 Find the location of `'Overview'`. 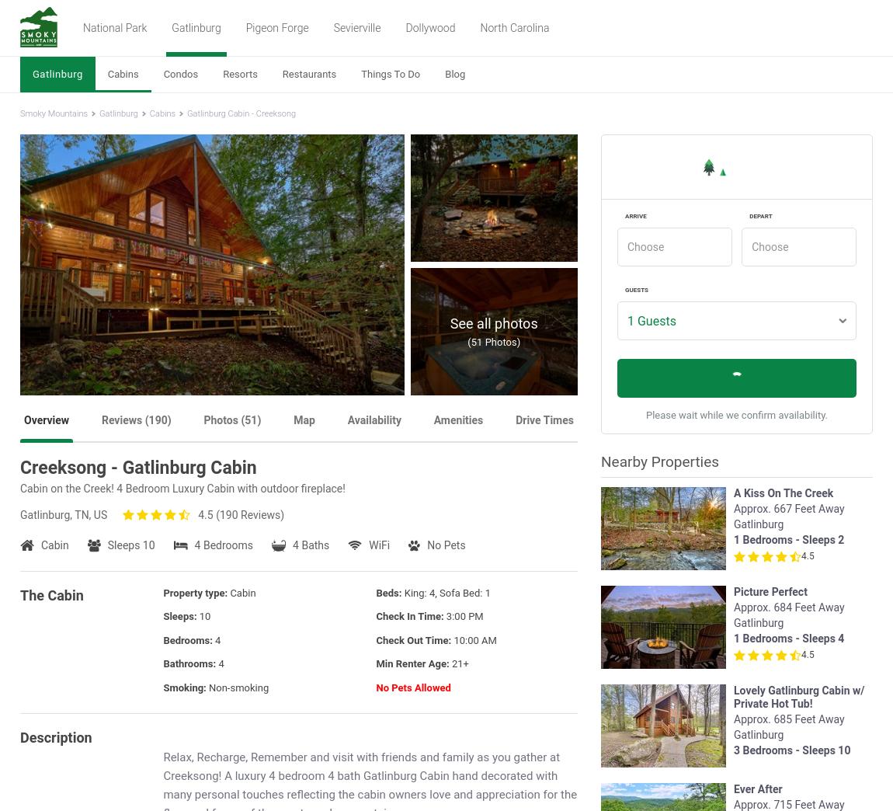

'Overview' is located at coordinates (46, 419).